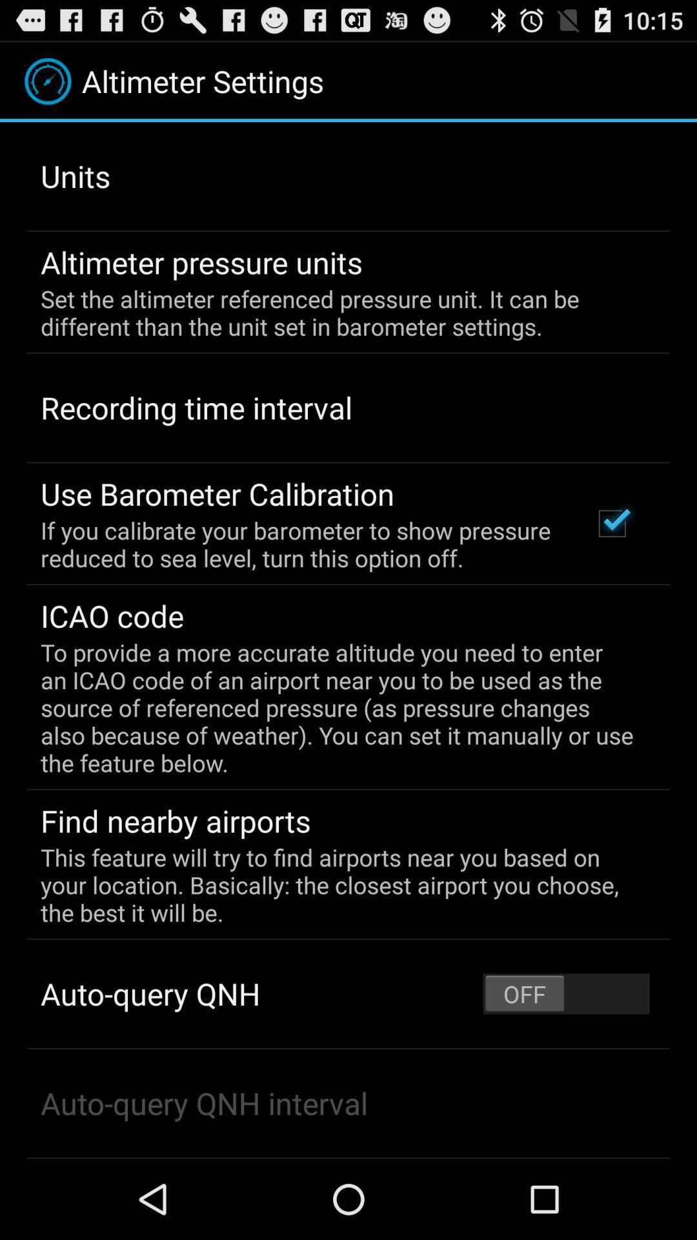 The width and height of the screenshot is (697, 1240). Describe the element at coordinates (217, 493) in the screenshot. I see `use barometer calibration` at that location.